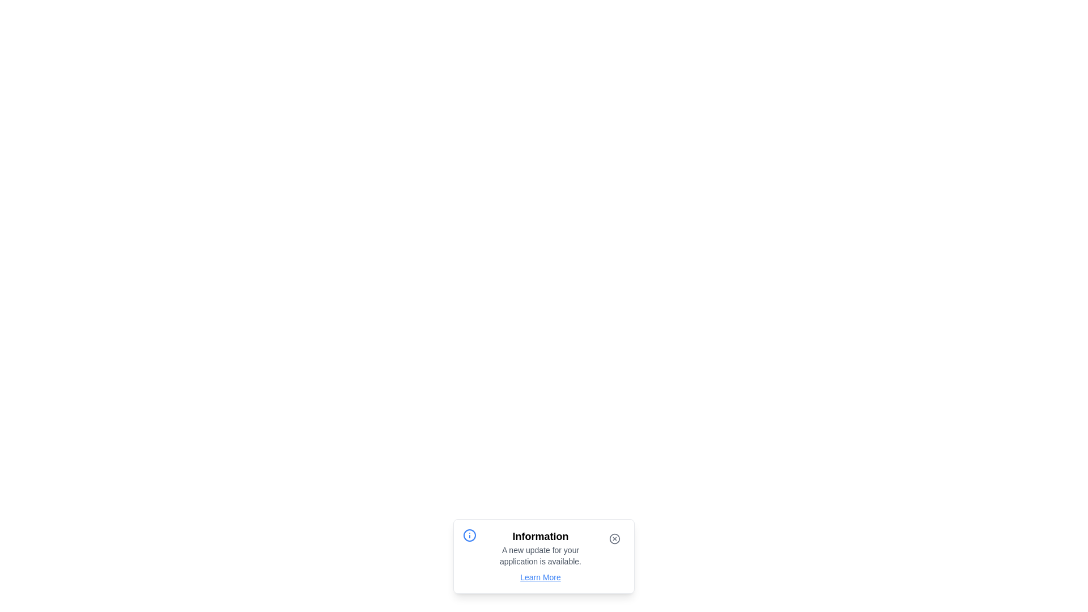 The height and width of the screenshot is (612, 1088). Describe the element at coordinates (540, 577) in the screenshot. I see `the 'Learn More' link to navigate to more information about the update` at that location.